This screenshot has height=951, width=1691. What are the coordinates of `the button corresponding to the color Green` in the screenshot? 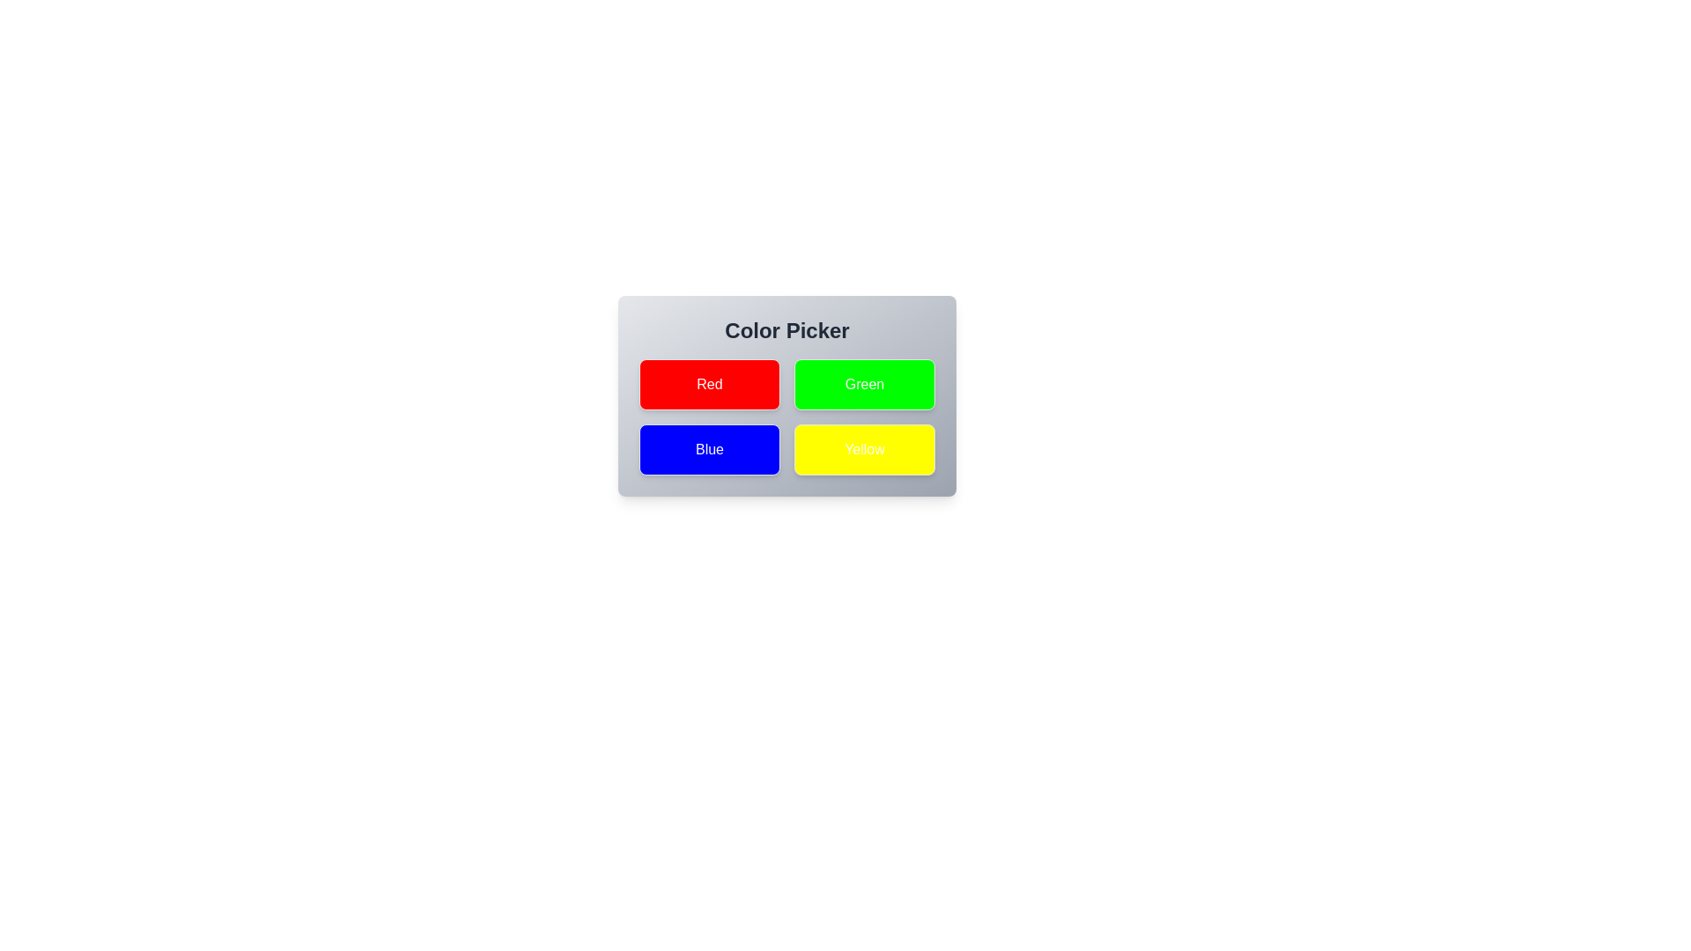 It's located at (865, 383).